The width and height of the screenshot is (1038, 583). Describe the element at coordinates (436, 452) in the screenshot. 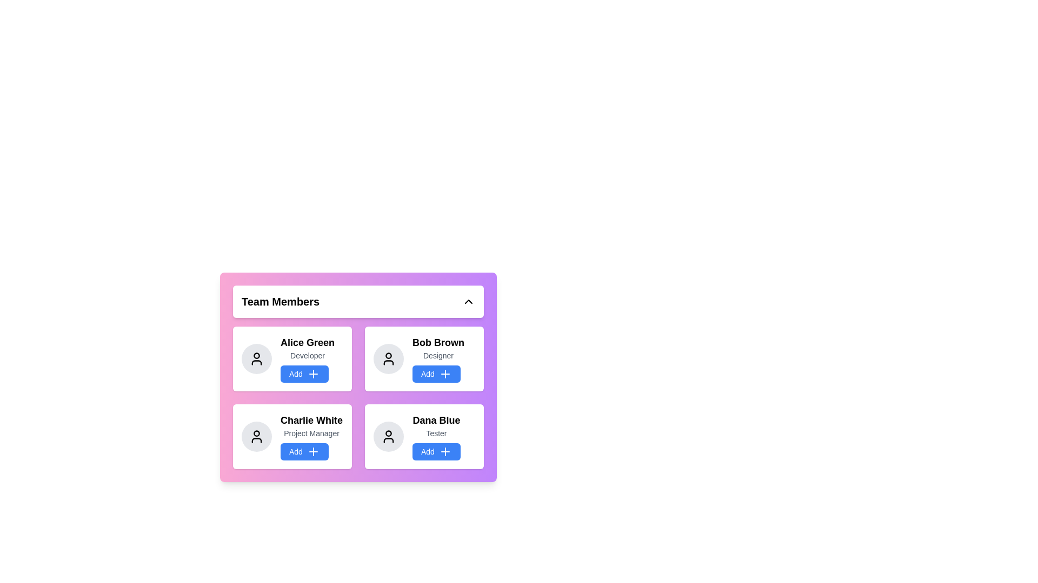

I see `the button located in the fourth card under the 'Dana Blue' section` at that location.